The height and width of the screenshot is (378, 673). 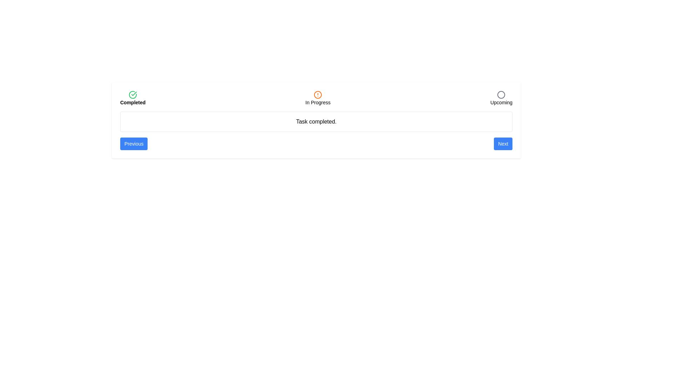 What do you see at coordinates (133, 98) in the screenshot?
I see `the status indicator for 'Completed' in the top-left of the horizontal list` at bounding box center [133, 98].